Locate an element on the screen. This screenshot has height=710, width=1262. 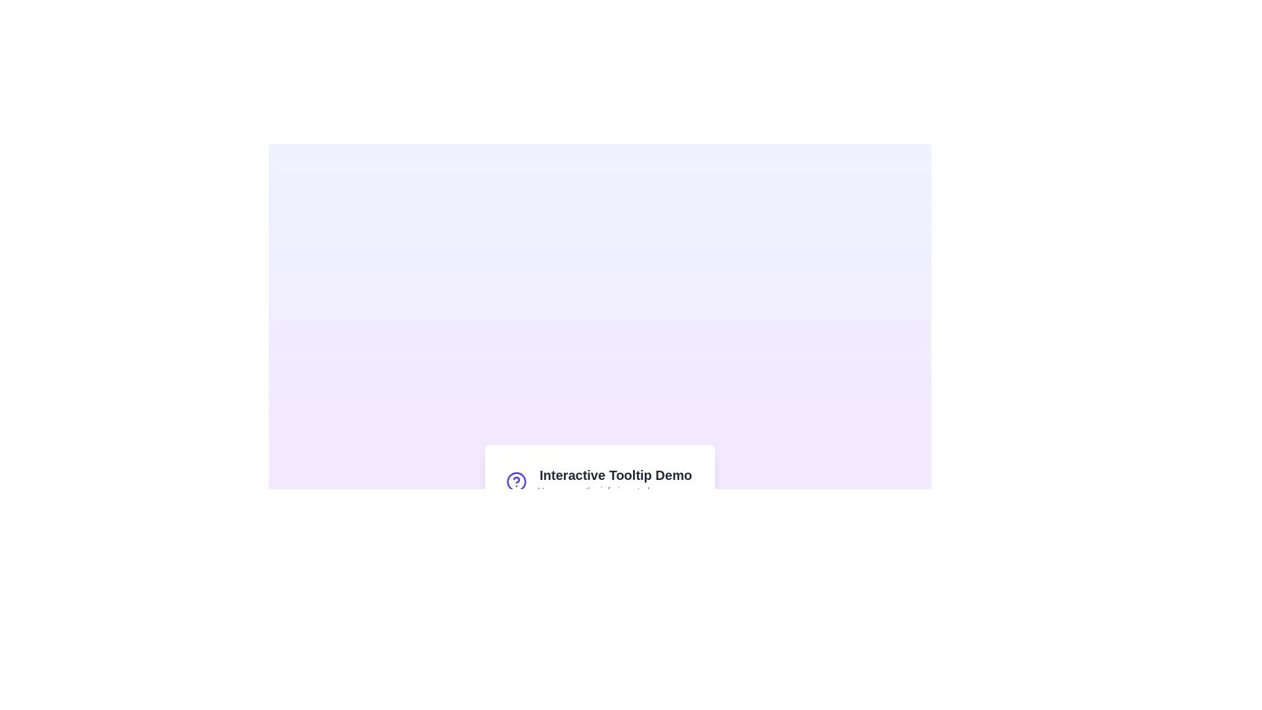
the decorative graphical circle that is part of the help icon, characterized by its blue stroke and central position relative to the question mark graphic is located at coordinates (515, 481).